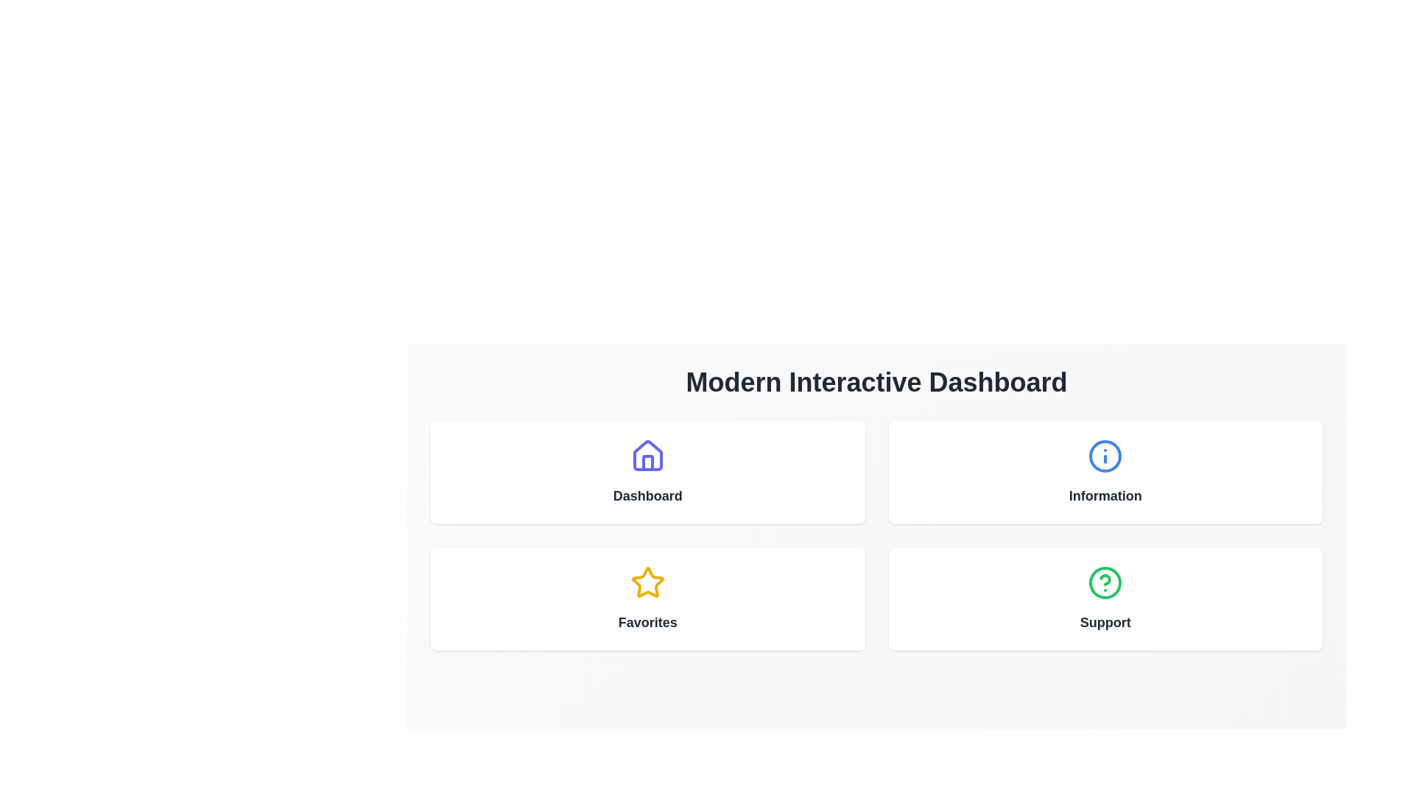 This screenshot has width=1414, height=795. Describe the element at coordinates (1105, 582) in the screenshot. I see `the green circular icon with a white question mark in the center located in the lower-right card labeled 'Support'` at that location.